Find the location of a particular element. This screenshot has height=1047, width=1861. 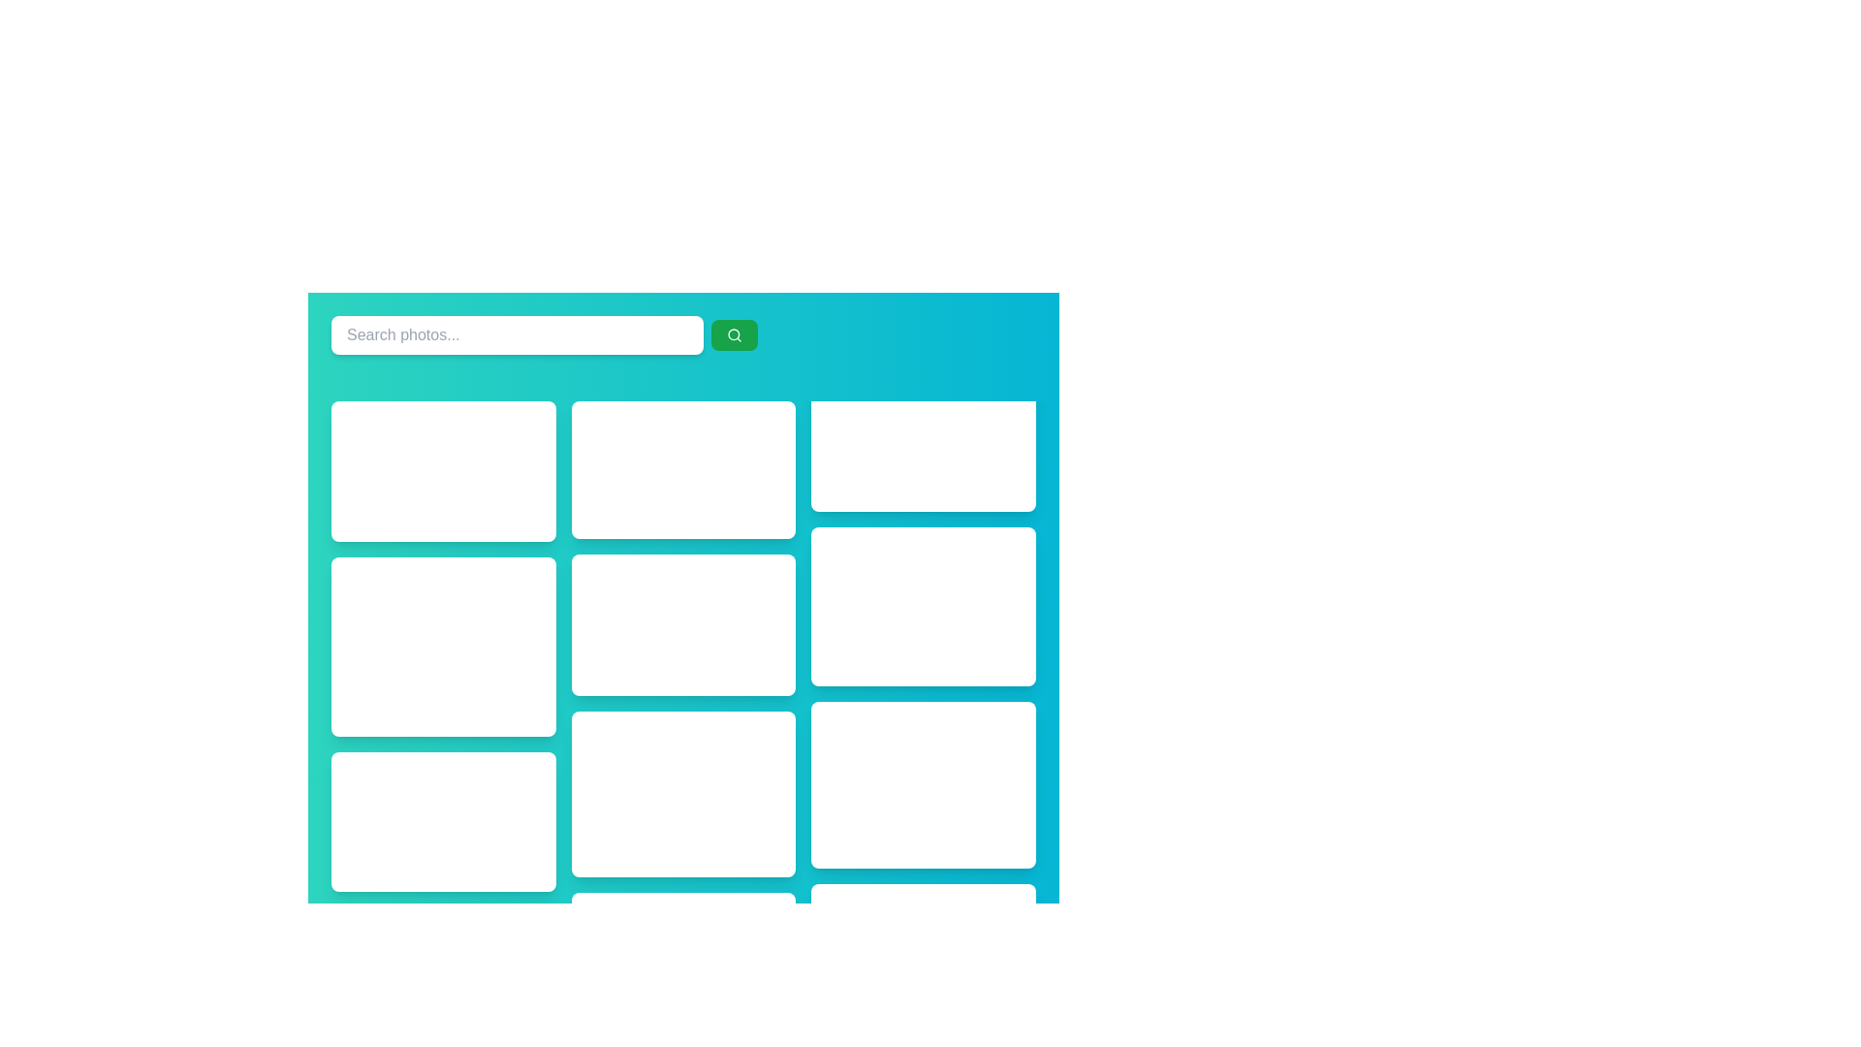

the search icon located at the center of the green button to initiate a search based on the adjacent input field is located at coordinates (734, 334).